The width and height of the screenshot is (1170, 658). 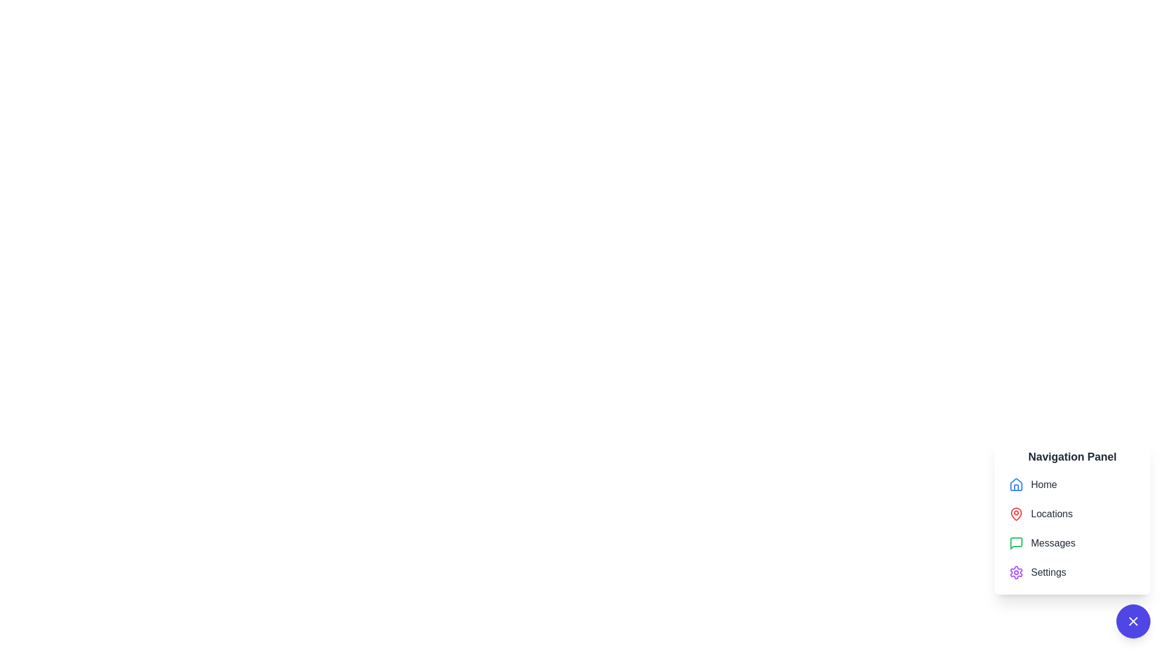 What do you see at coordinates (1016, 483) in the screenshot?
I see `the 'Home' icon in the navigation panel` at bounding box center [1016, 483].